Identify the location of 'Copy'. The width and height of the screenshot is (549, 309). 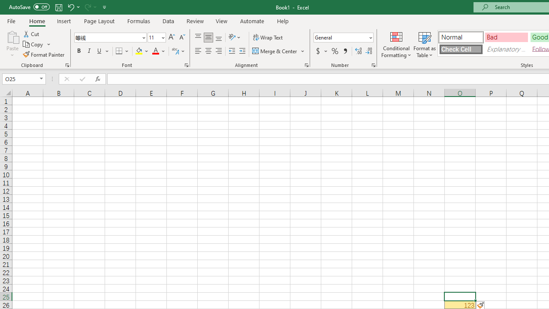
(33, 44).